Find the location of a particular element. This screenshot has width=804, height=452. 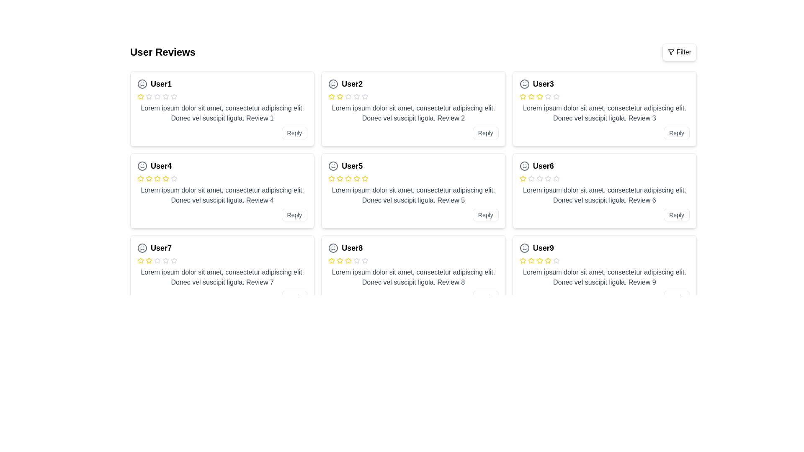

the second star rating icon in the review card associated with 'User9' to provide a rating is located at coordinates (539, 260).